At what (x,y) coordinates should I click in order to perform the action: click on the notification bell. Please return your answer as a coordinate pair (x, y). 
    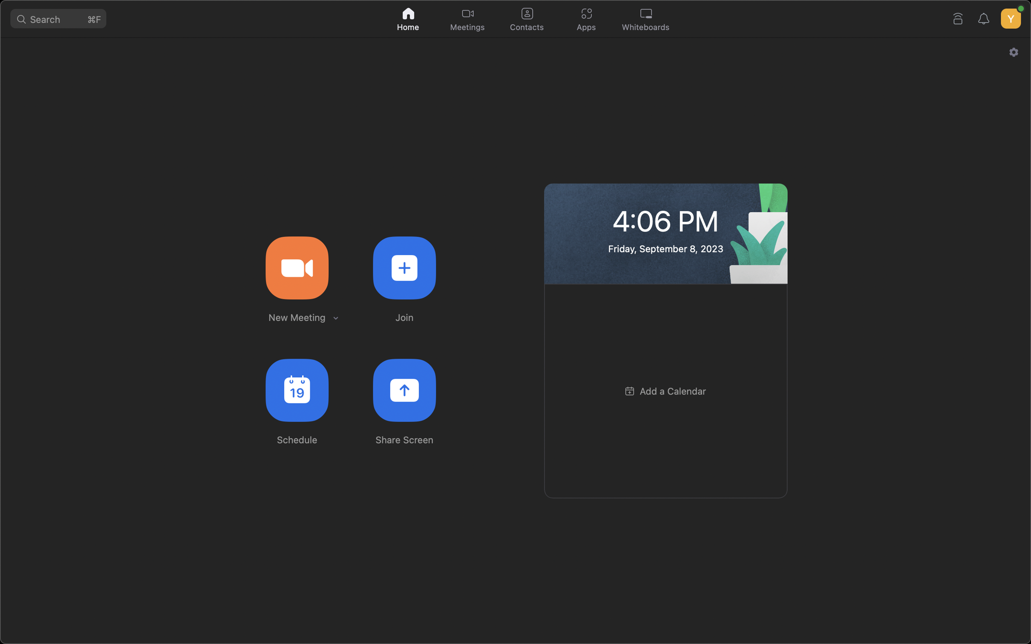
    Looking at the image, I should click on (985, 17).